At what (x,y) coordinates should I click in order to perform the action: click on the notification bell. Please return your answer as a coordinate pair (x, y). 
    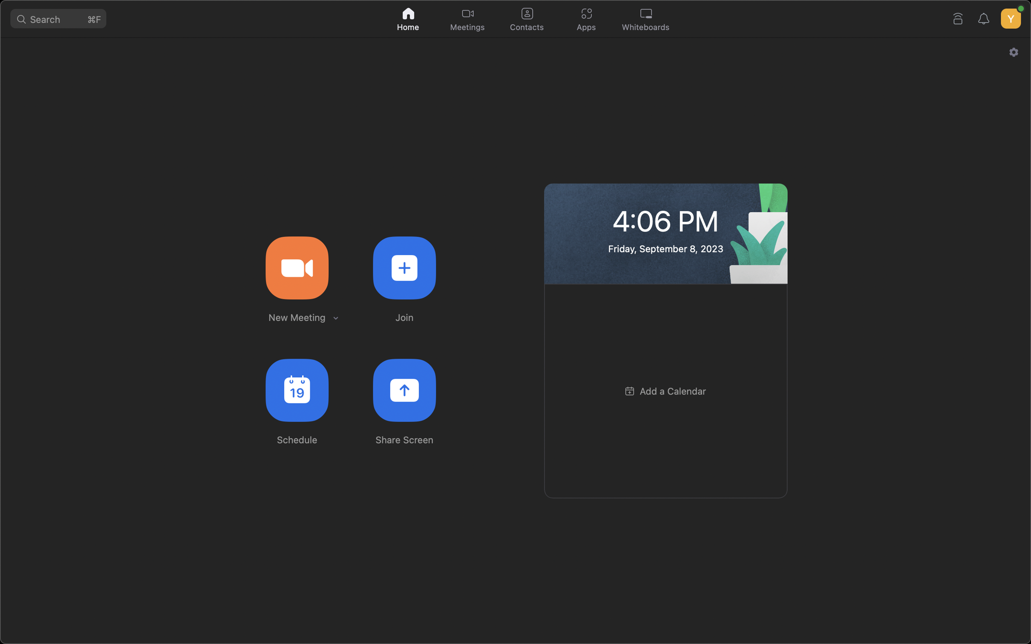
    Looking at the image, I should click on (985, 17).